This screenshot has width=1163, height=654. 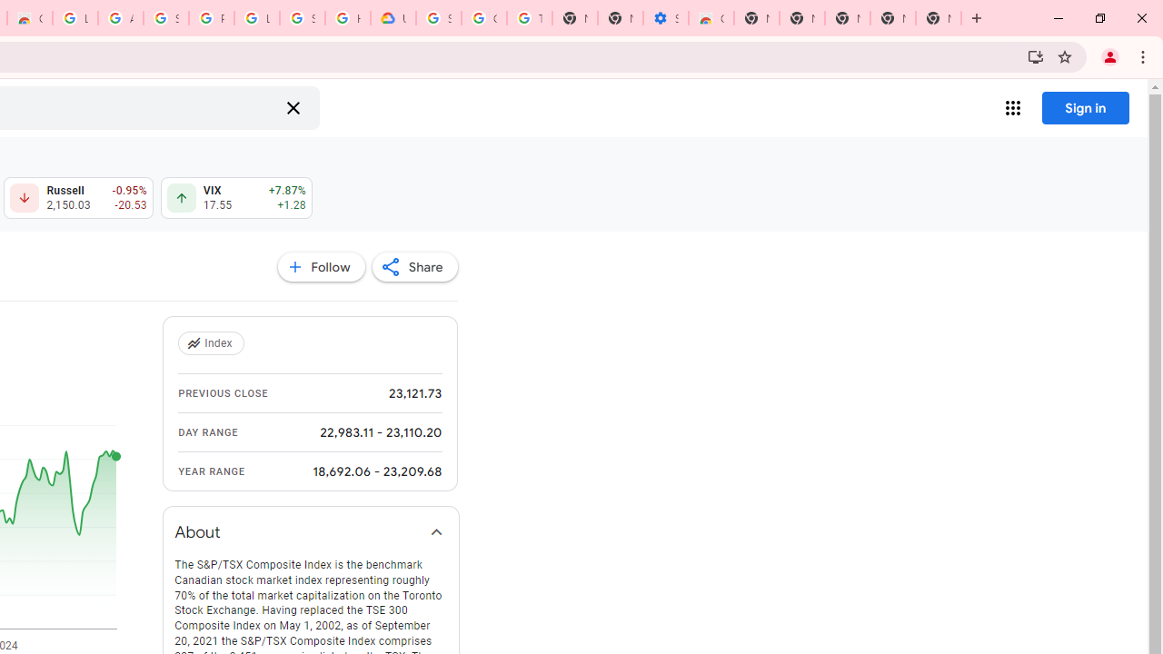 I want to click on 'Sign in - Google Accounts', so click(x=303, y=18).